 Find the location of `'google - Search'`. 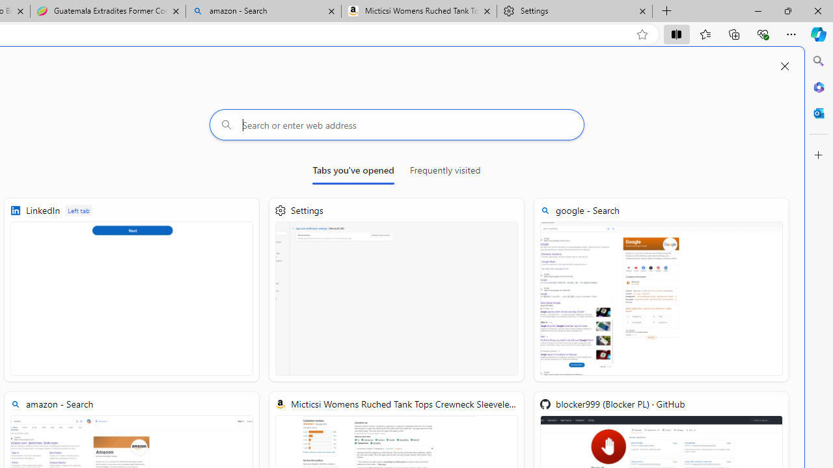

'google - Search' is located at coordinates (661, 289).